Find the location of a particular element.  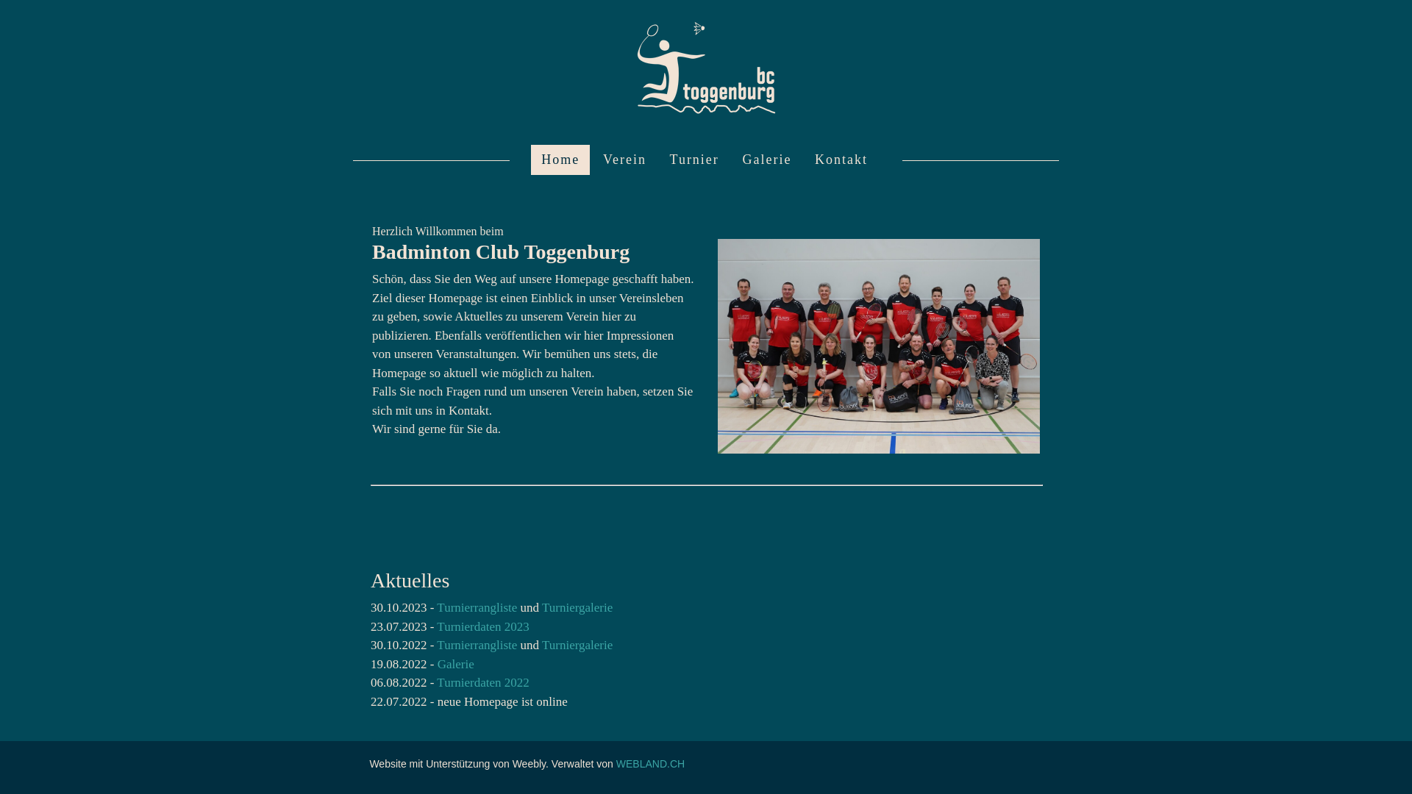

'Turnierdaten 2022' is located at coordinates (482, 682).